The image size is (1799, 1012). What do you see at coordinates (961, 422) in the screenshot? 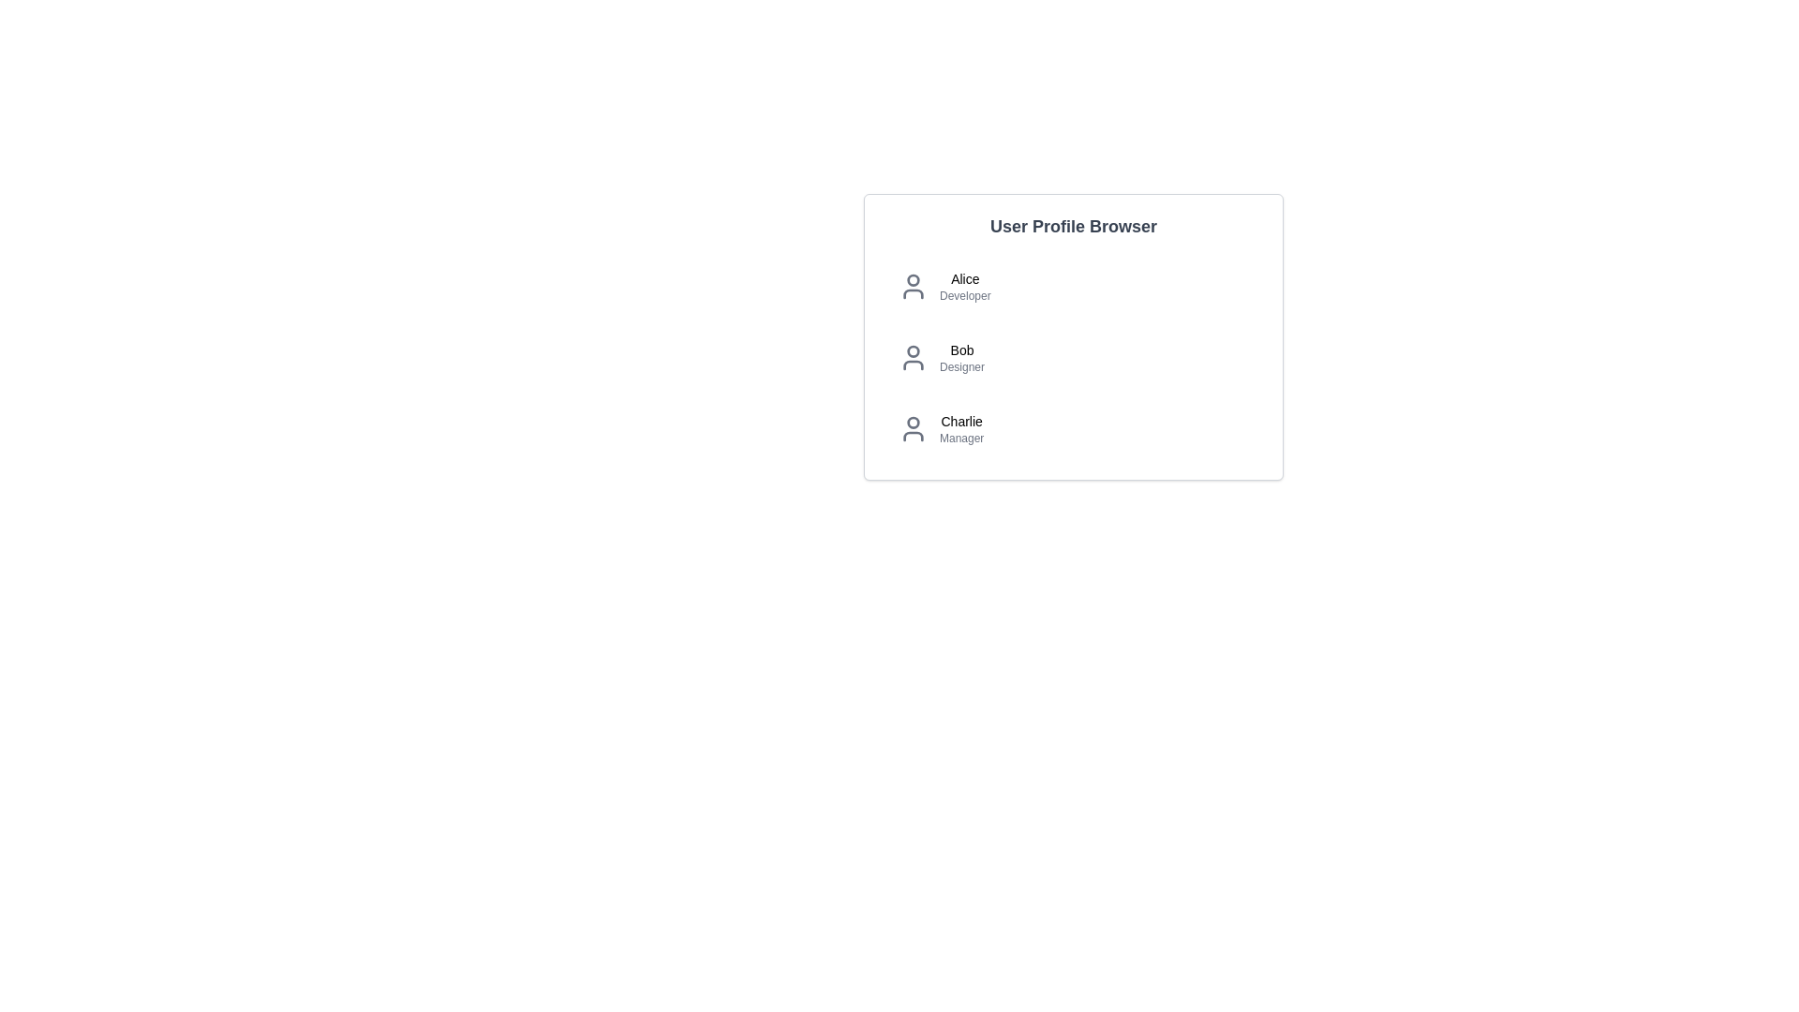
I see `the text label displaying 'Charlie' in the user profile list, which is the bottom entry above the 'Manager' role text` at bounding box center [961, 422].